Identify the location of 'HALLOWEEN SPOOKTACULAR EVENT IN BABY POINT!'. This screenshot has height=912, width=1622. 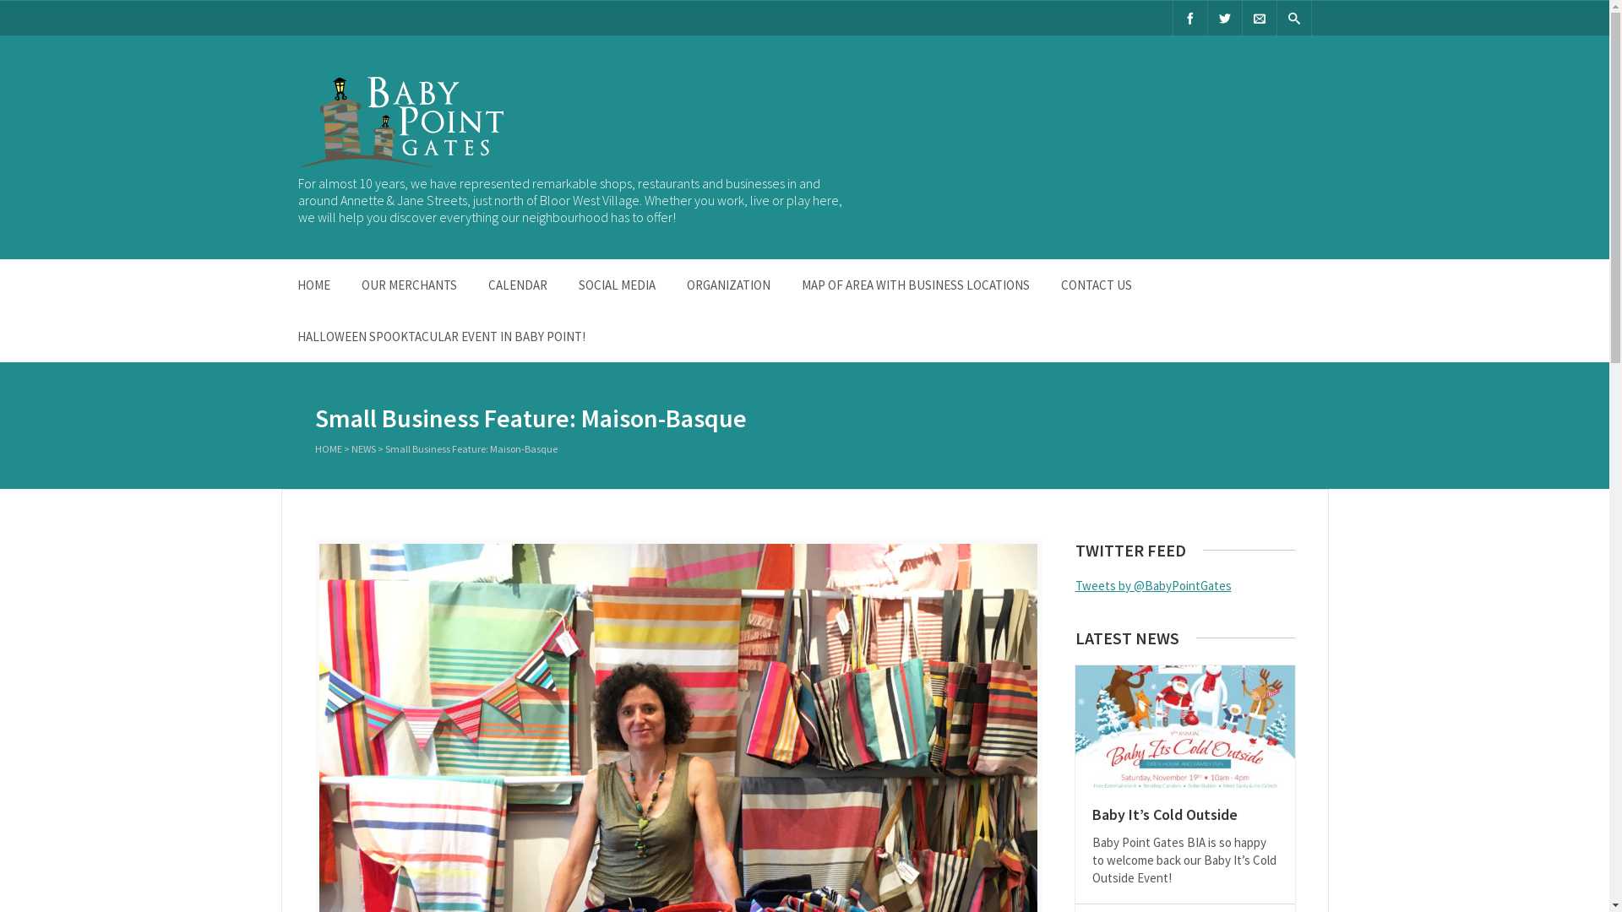
(280, 336).